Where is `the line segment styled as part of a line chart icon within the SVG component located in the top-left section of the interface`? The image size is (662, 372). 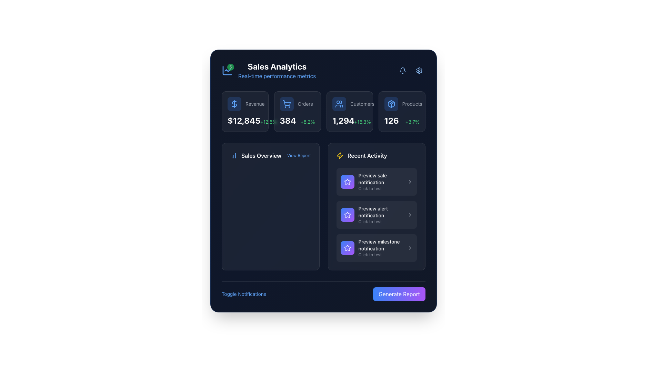 the line segment styled as part of a line chart icon within the SVG component located in the top-left section of the interface is located at coordinates (227, 70).